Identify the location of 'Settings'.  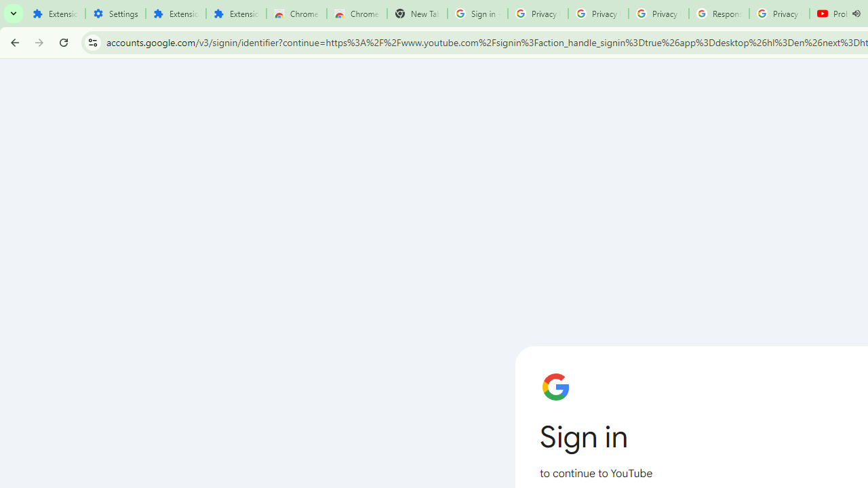
(115, 14).